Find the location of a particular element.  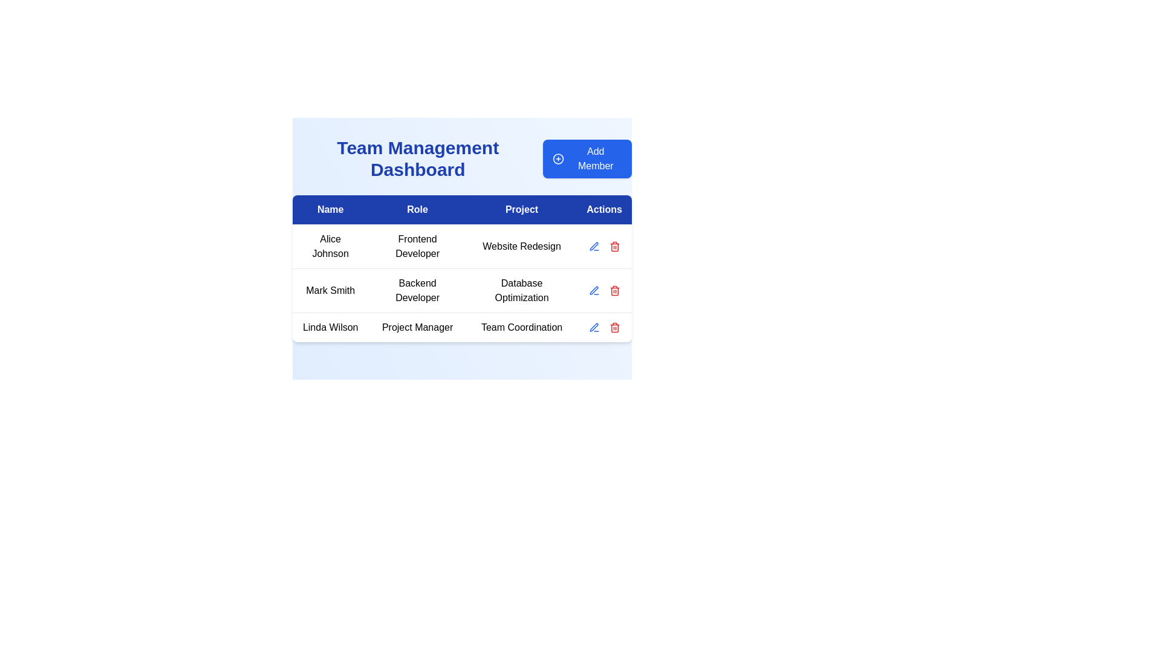

the second row of the structured table is located at coordinates (461, 291).